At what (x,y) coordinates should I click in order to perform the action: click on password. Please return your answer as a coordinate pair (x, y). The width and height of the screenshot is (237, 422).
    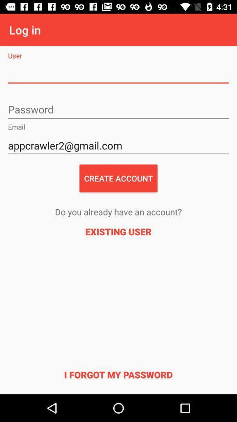
    Looking at the image, I should click on (118, 109).